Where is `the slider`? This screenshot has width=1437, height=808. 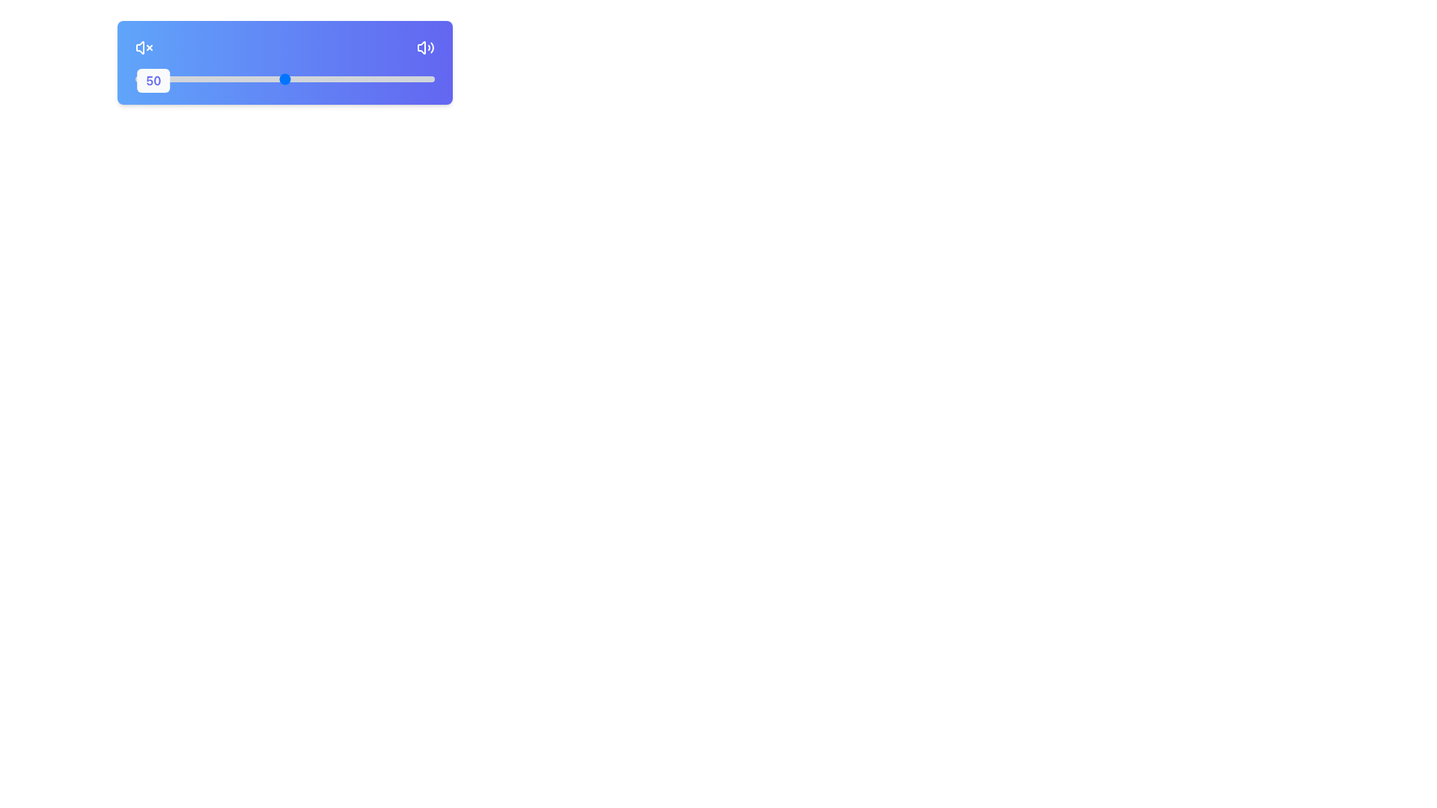 the slider is located at coordinates (425, 79).